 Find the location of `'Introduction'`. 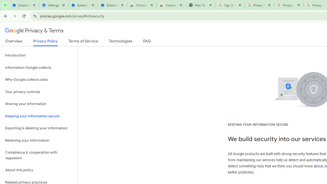

'Introduction' is located at coordinates (39, 55).